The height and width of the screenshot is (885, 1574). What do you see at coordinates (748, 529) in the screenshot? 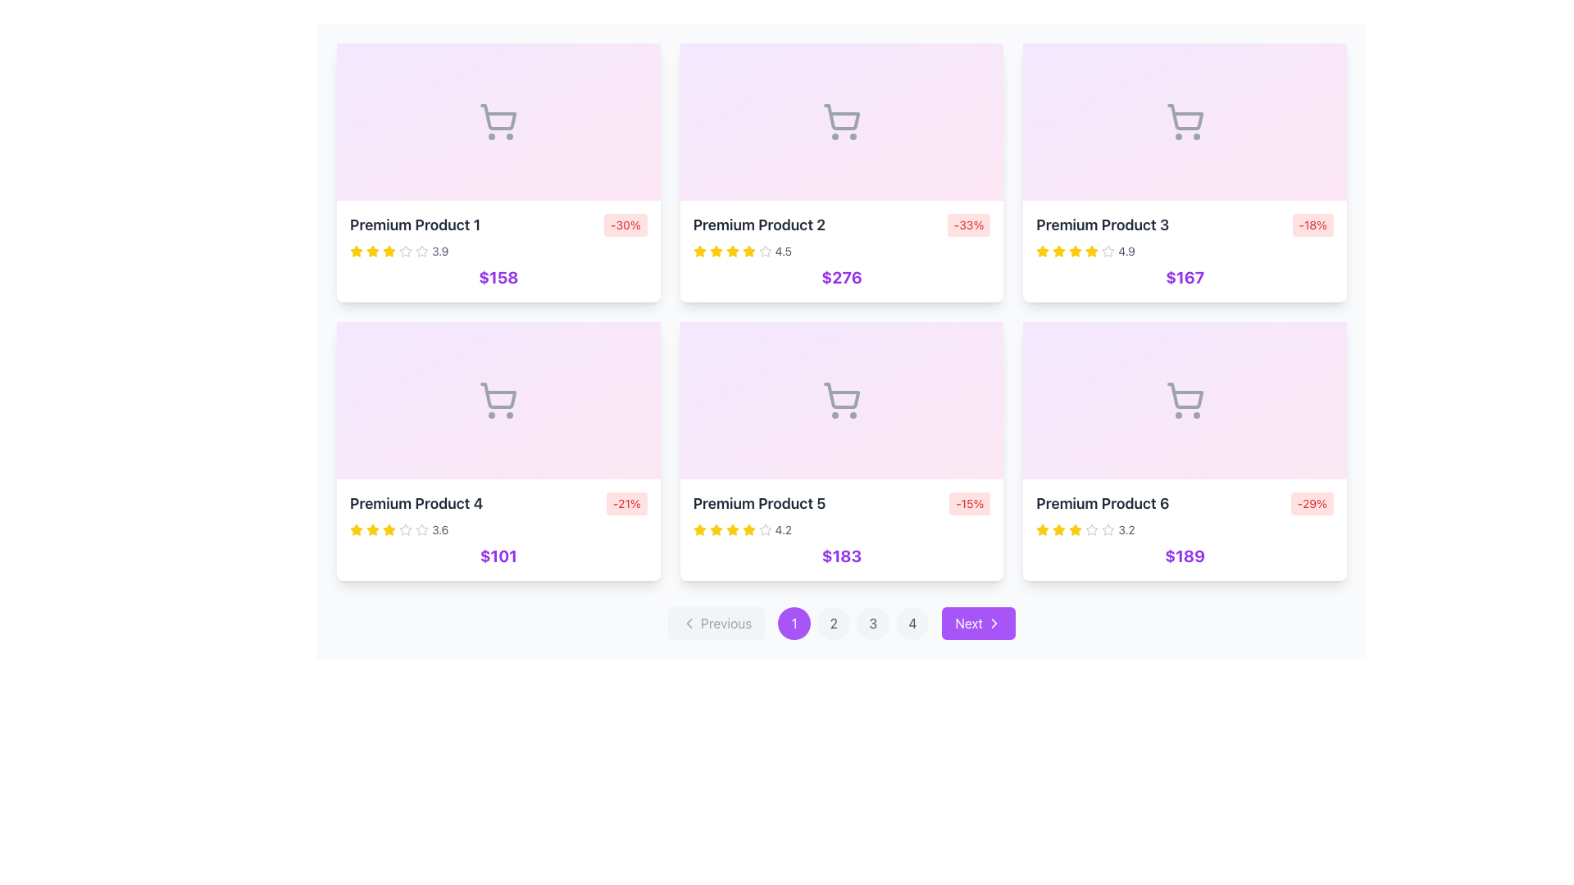
I see `the second star graphic icon in the five-star rating system for the product, located below the product name and above the pricing information` at bounding box center [748, 529].